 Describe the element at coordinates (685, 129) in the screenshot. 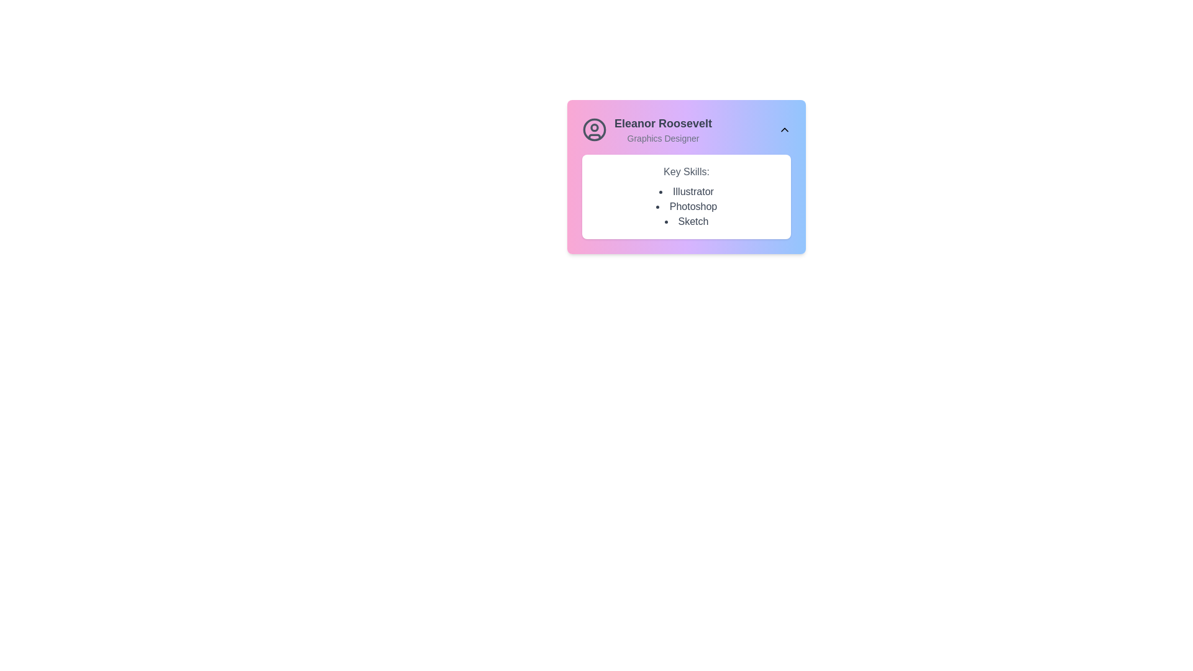

I see `the Composite UI component displaying 'Eleanor Roosevelt' with the subtitle 'Graphics Designer'` at that location.